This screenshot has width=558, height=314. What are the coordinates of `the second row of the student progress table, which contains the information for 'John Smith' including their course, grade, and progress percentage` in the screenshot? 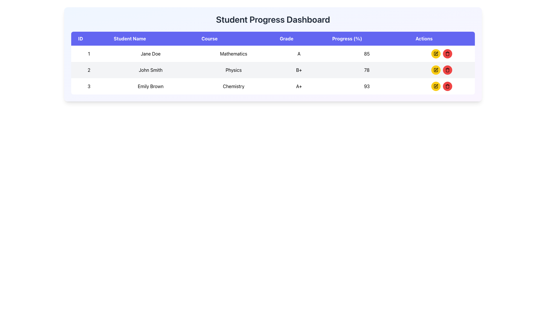 It's located at (273, 69).